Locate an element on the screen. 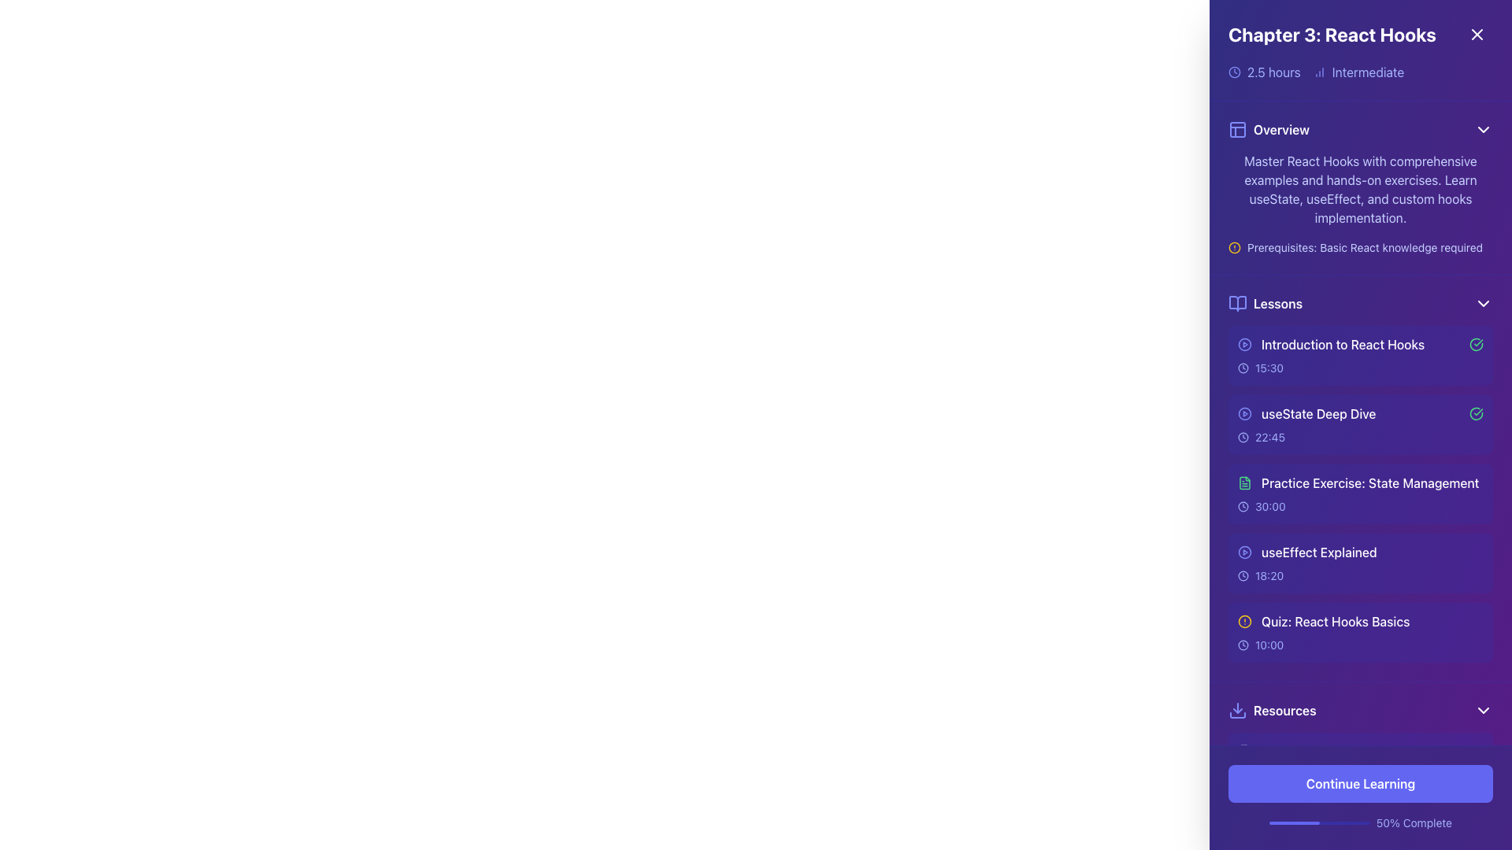  the third card in the 'Lessons' section that is positioned between 'useState Deep Dive' and 'useEffect Explained' is located at coordinates (1360, 493).